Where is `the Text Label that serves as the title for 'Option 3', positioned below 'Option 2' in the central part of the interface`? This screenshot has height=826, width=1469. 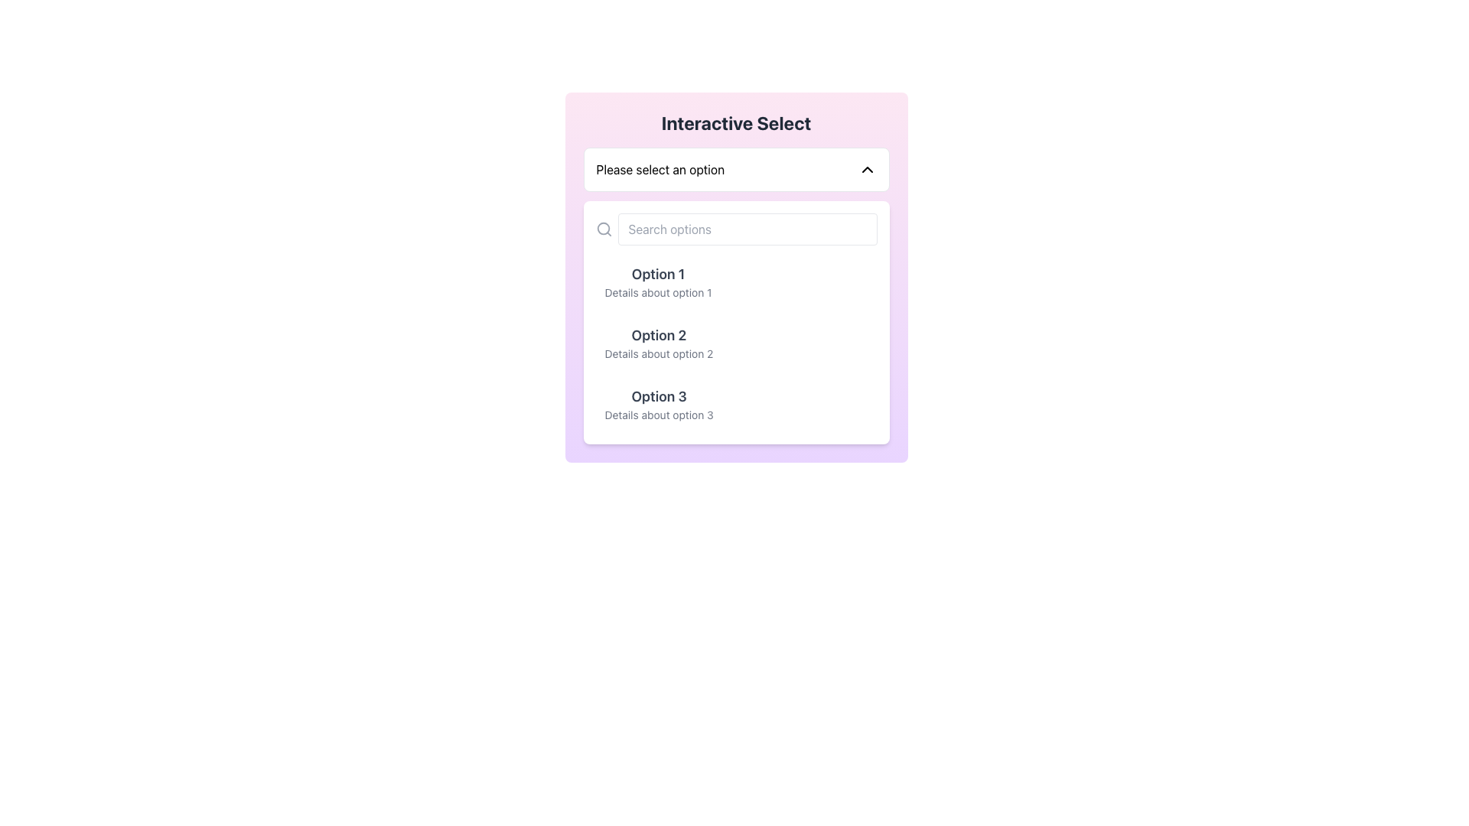
the Text Label that serves as the title for 'Option 3', positioned below 'Option 2' in the central part of the interface is located at coordinates (659, 396).